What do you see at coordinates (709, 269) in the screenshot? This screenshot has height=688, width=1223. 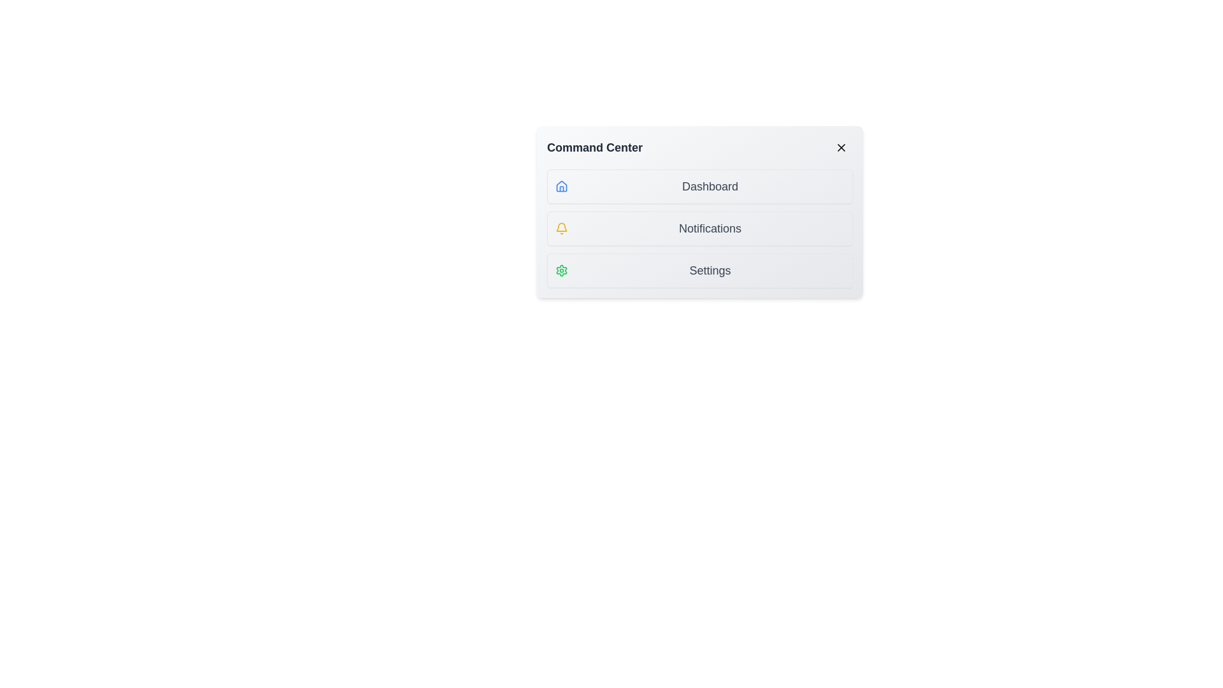 I see `the 'Settings' label, which is styled with a heading text size and gray color, located below 'Dashboard' and 'Notifications' in the Command Center section, accompanied by a gear icon` at bounding box center [709, 269].